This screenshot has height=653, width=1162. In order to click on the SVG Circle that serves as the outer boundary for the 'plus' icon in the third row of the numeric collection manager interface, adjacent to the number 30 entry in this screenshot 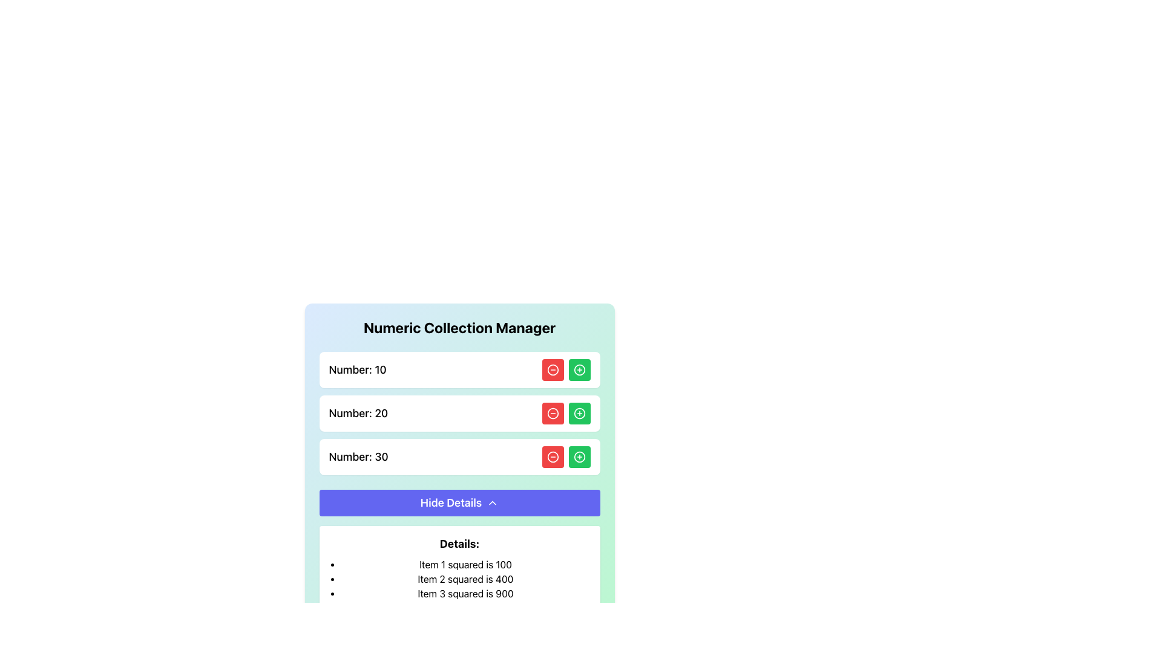, I will do `click(579, 457)`.